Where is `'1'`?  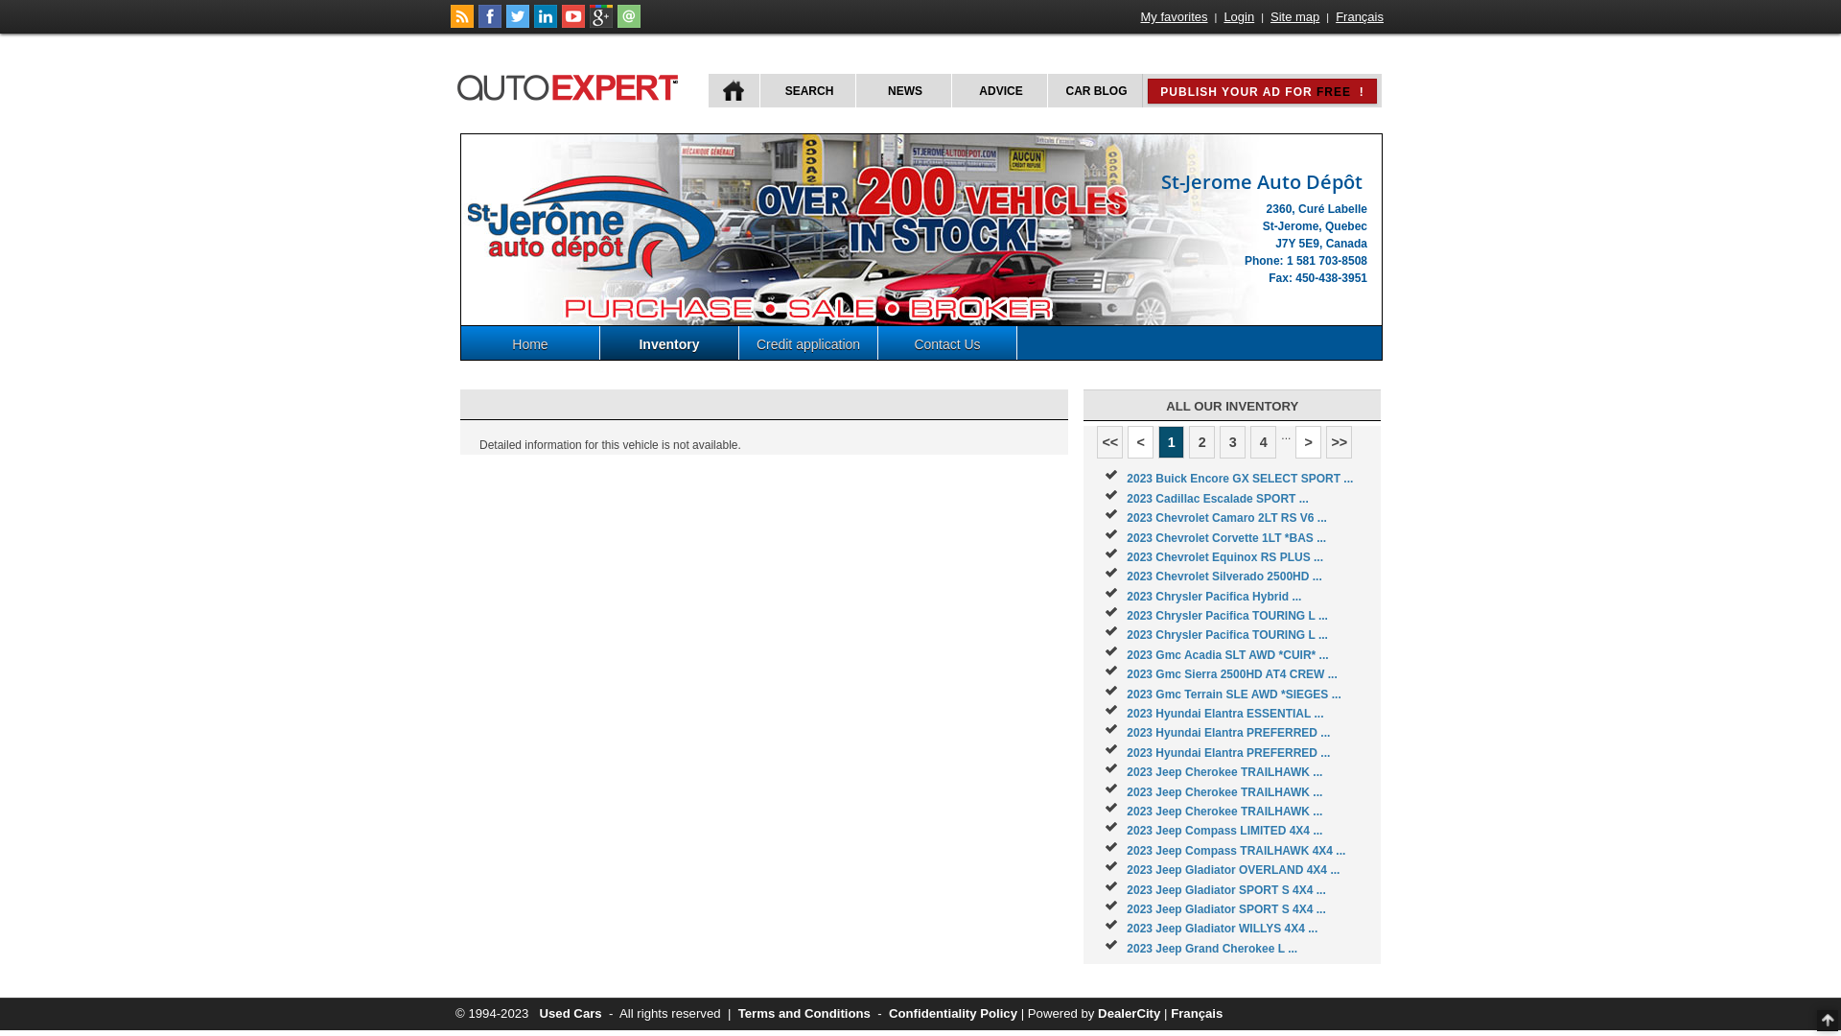 '1' is located at coordinates (1170, 442).